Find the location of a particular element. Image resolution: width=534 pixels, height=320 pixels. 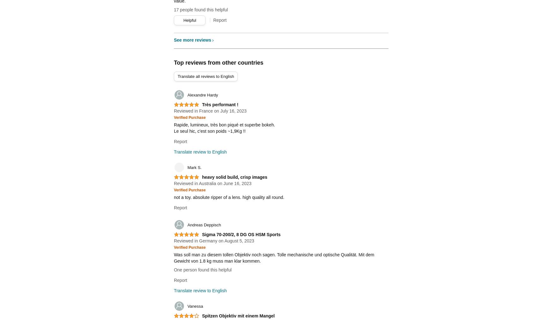

'17 people found this helpful' is located at coordinates (201, 9).